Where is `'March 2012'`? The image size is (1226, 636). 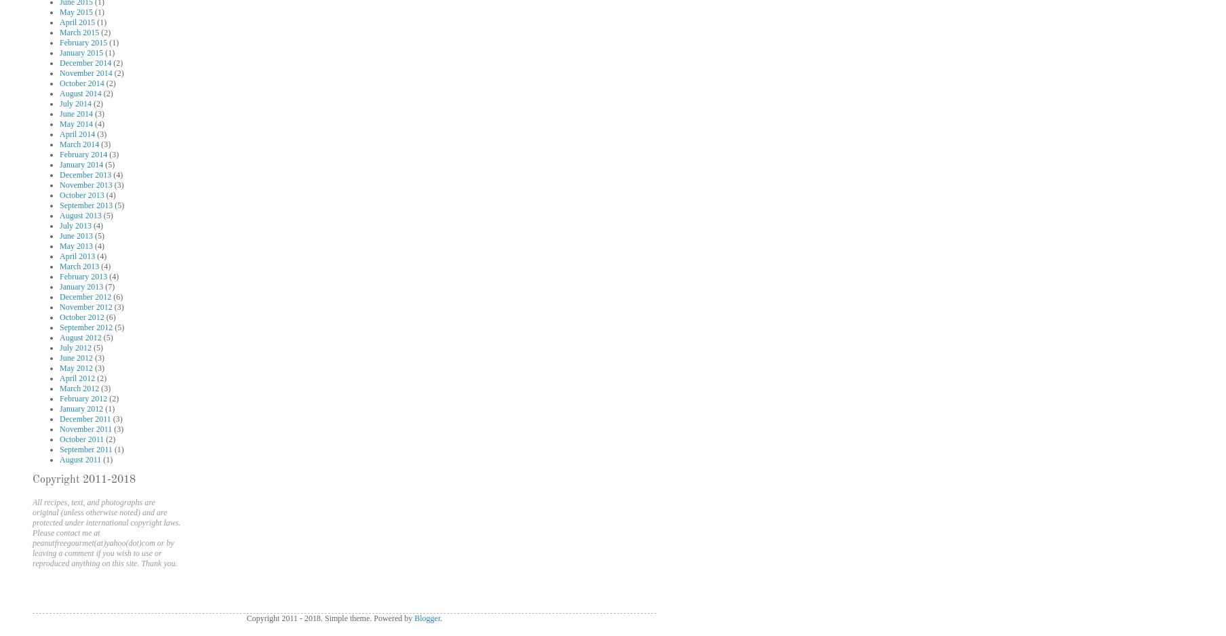 'March 2012' is located at coordinates (78, 388).